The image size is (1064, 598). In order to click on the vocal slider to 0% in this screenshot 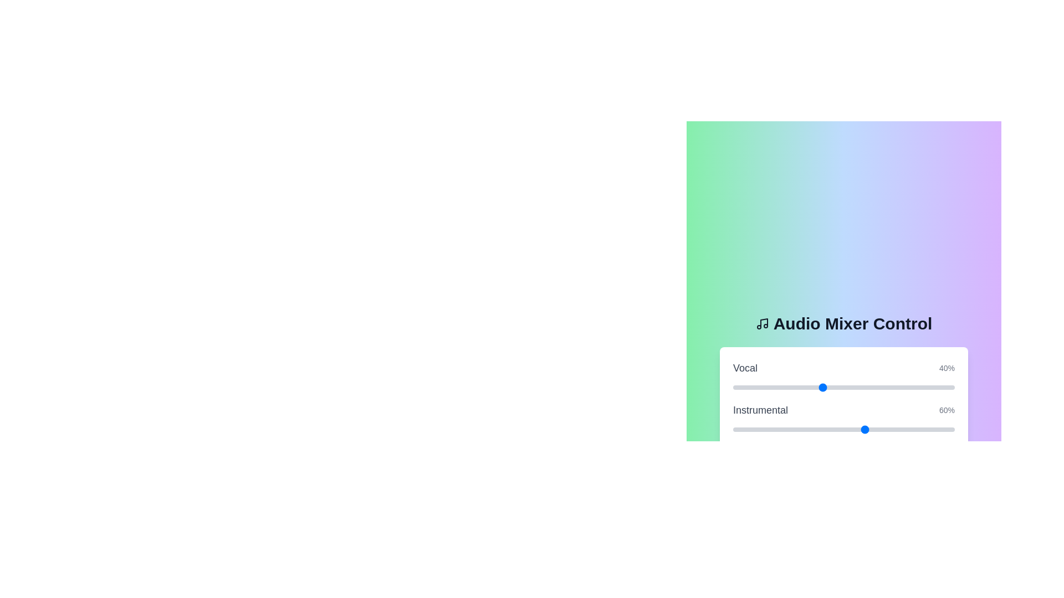, I will do `click(733, 386)`.